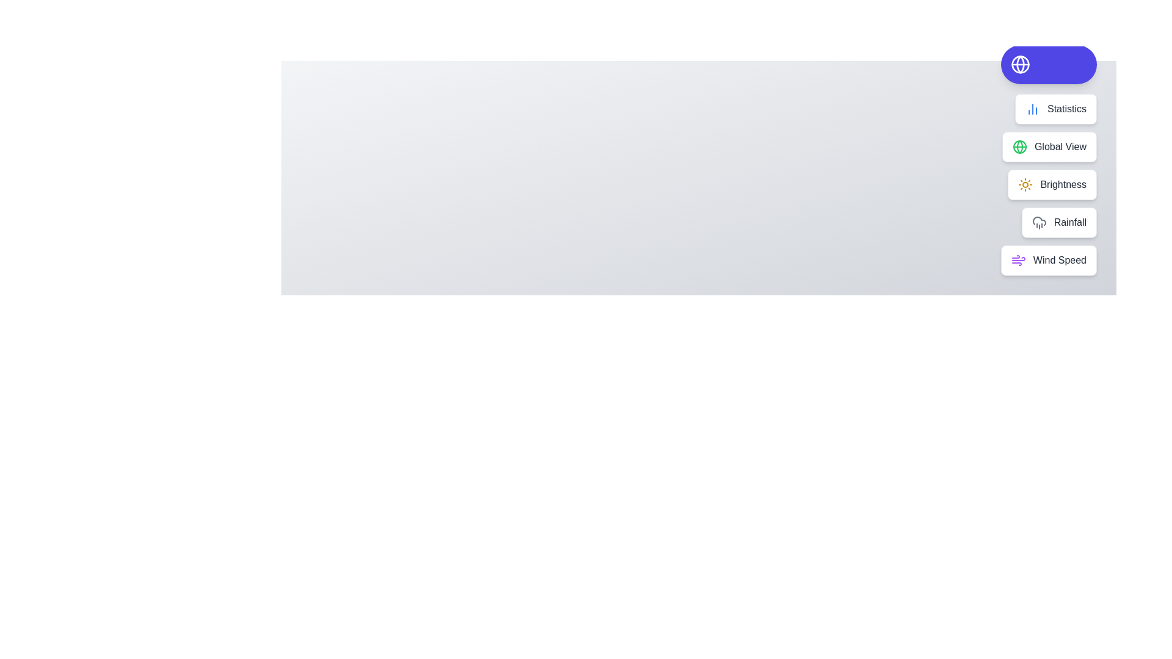 This screenshot has height=659, width=1172. What do you see at coordinates (1058, 223) in the screenshot?
I see `the action Rainfall from the speed dial` at bounding box center [1058, 223].